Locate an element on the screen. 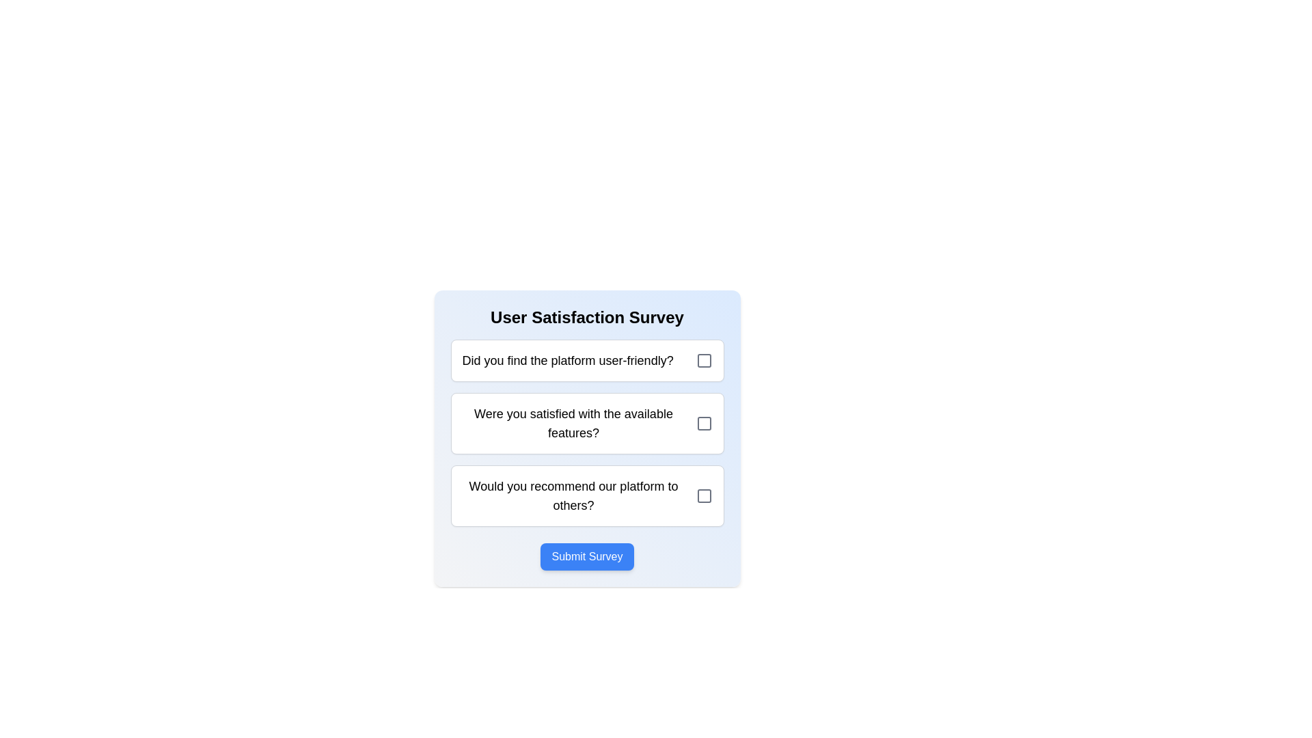 This screenshot has height=738, width=1312. the 'Submit Survey' button is located at coordinates (587, 556).